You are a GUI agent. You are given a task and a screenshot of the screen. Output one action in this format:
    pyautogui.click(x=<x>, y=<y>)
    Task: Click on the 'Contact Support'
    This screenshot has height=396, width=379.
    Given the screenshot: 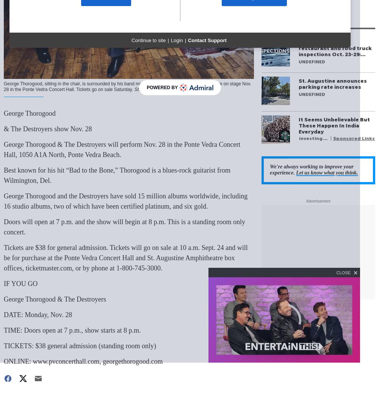 What is the action you would take?
    pyautogui.click(x=207, y=41)
    